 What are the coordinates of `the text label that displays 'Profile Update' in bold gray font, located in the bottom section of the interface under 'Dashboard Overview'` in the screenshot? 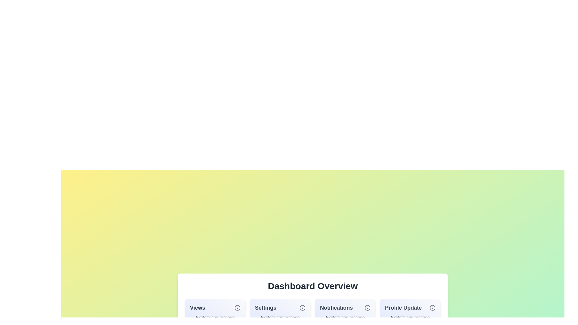 It's located at (403, 308).